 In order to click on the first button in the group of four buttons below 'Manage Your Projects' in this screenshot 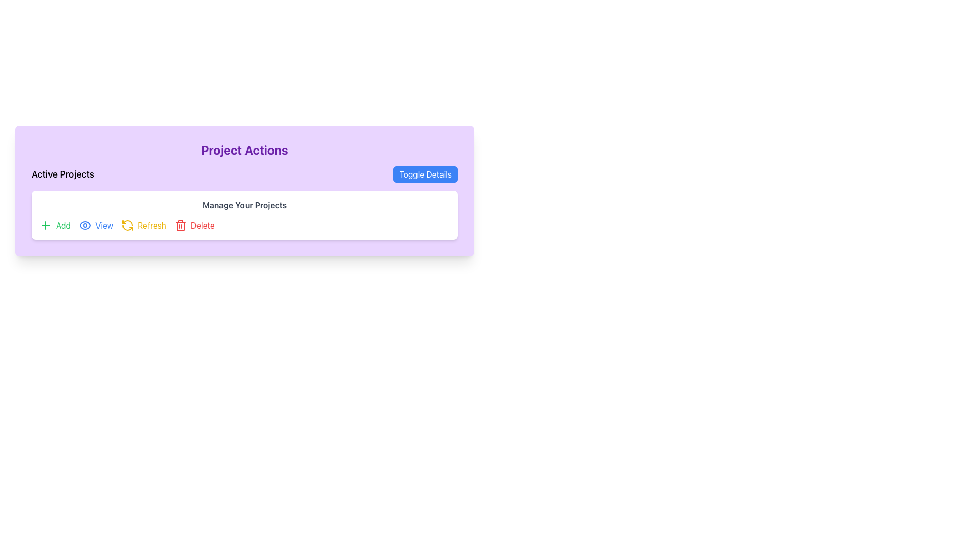, I will do `click(55, 225)`.